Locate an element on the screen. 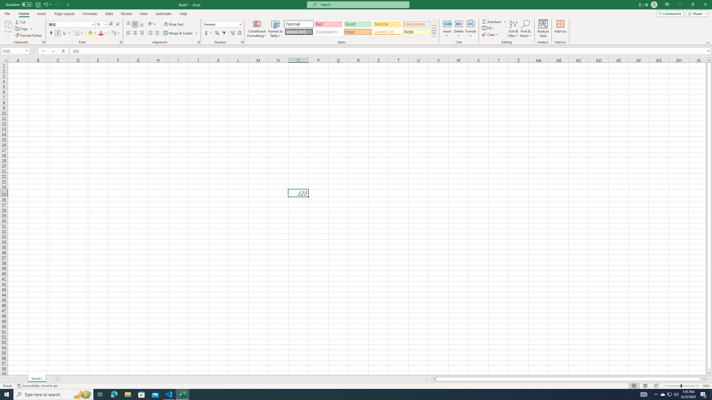  'Zoom' is located at coordinates (681, 386).